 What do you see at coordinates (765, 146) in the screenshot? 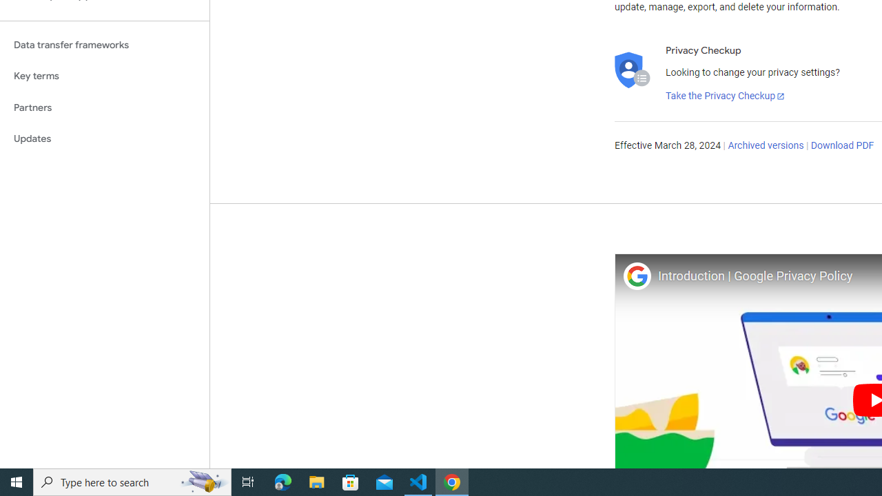
I see `'Archived versions'` at bounding box center [765, 146].